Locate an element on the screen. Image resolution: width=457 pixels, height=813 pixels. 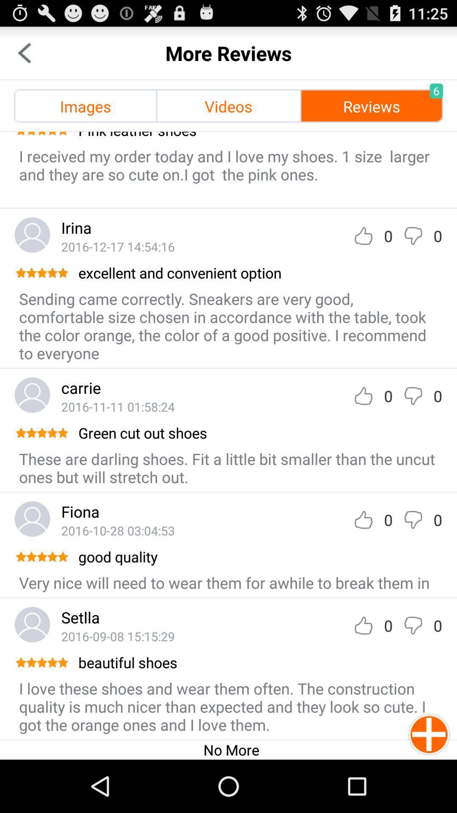
app above sending came correctly icon is located at coordinates (259, 273).